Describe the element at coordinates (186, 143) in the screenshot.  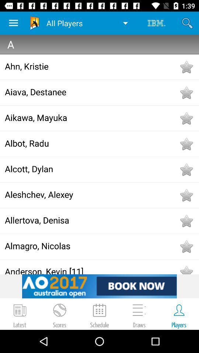
I see `button` at that location.